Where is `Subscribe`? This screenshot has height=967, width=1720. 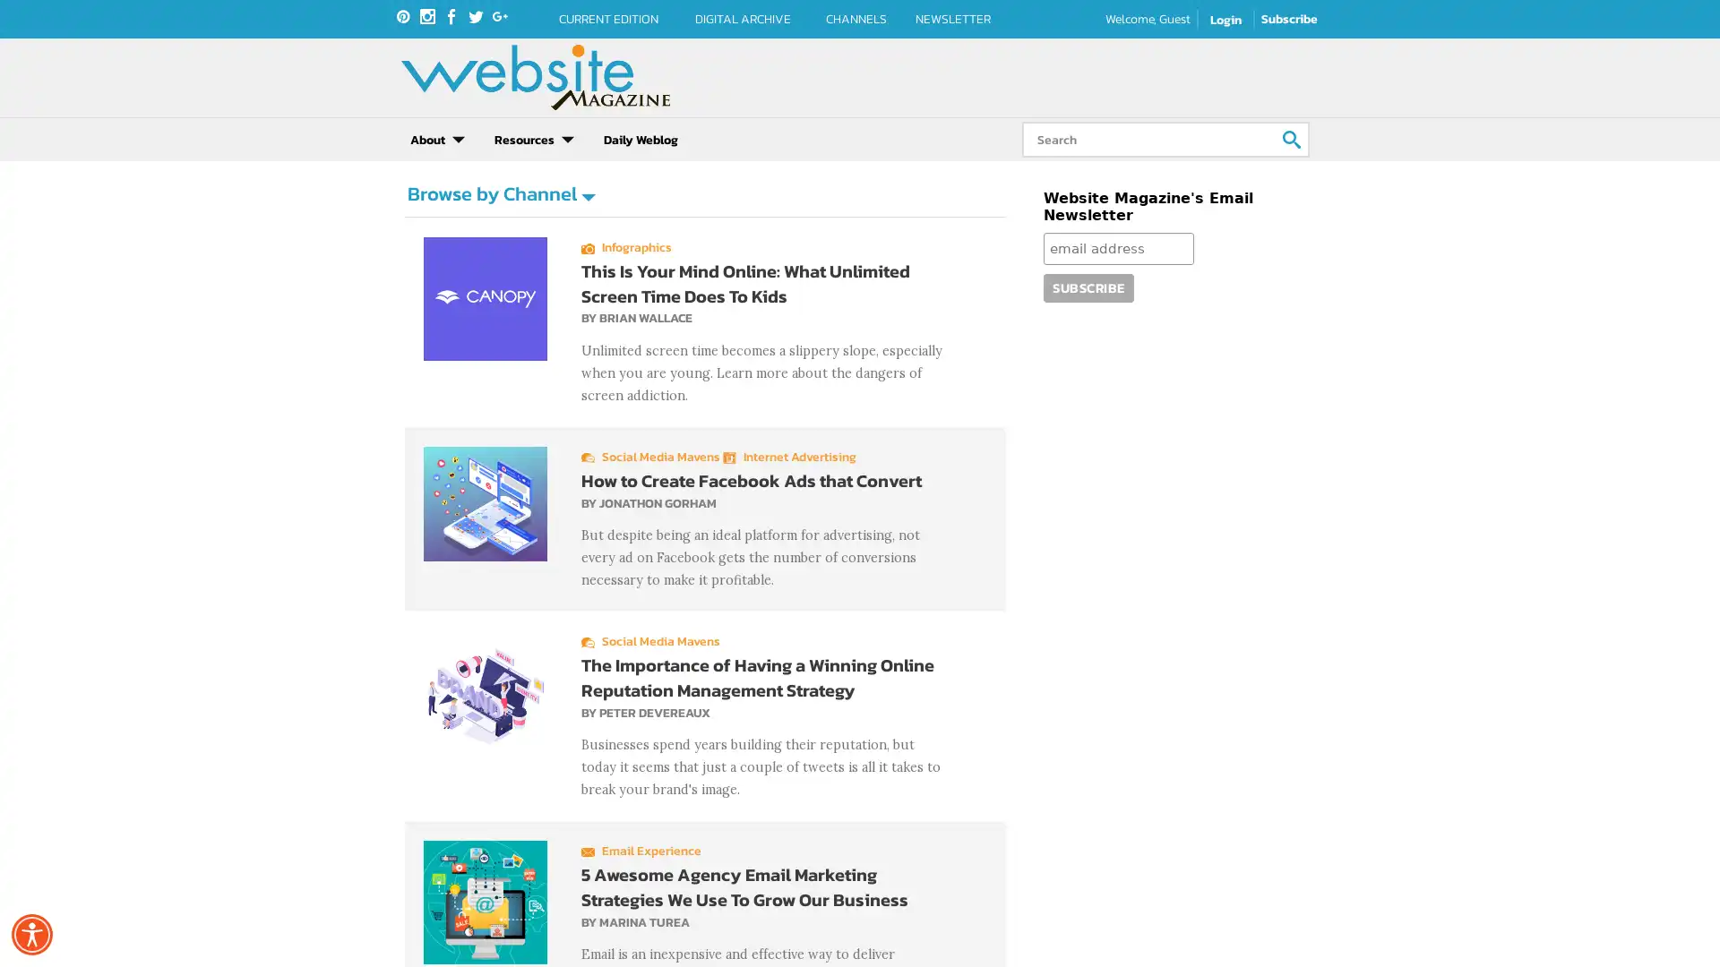
Subscribe is located at coordinates (1087, 319).